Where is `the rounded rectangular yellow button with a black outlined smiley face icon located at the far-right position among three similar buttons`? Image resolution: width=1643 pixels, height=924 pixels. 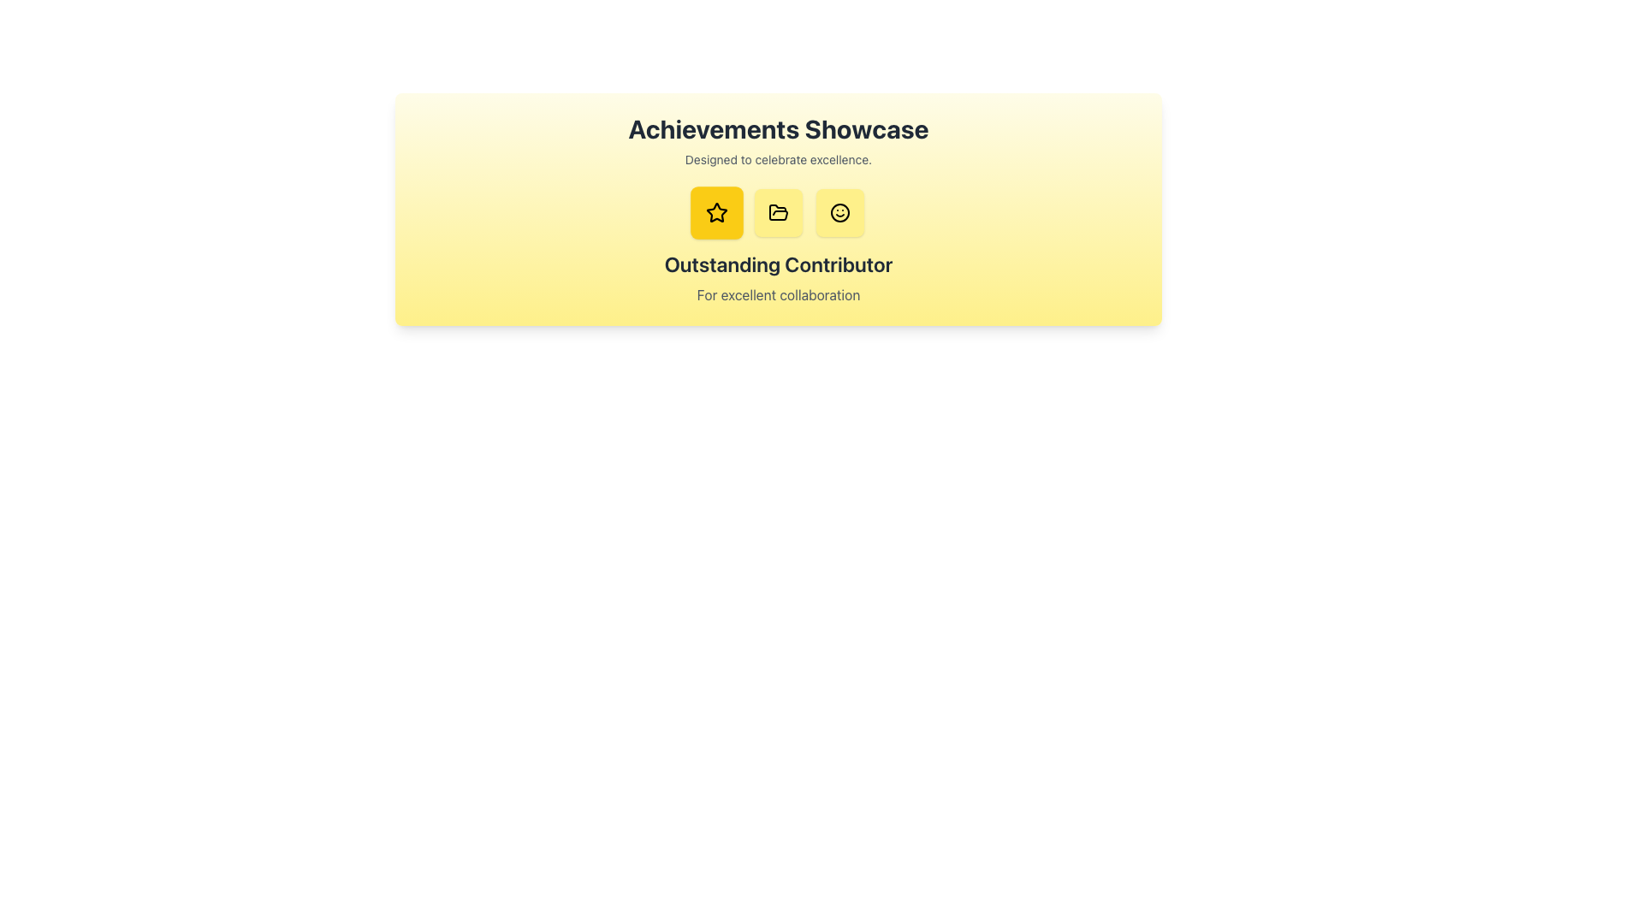
the rounded rectangular yellow button with a black outlined smiley face icon located at the far-right position among three similar buttons is located at coordinates (840, 212).